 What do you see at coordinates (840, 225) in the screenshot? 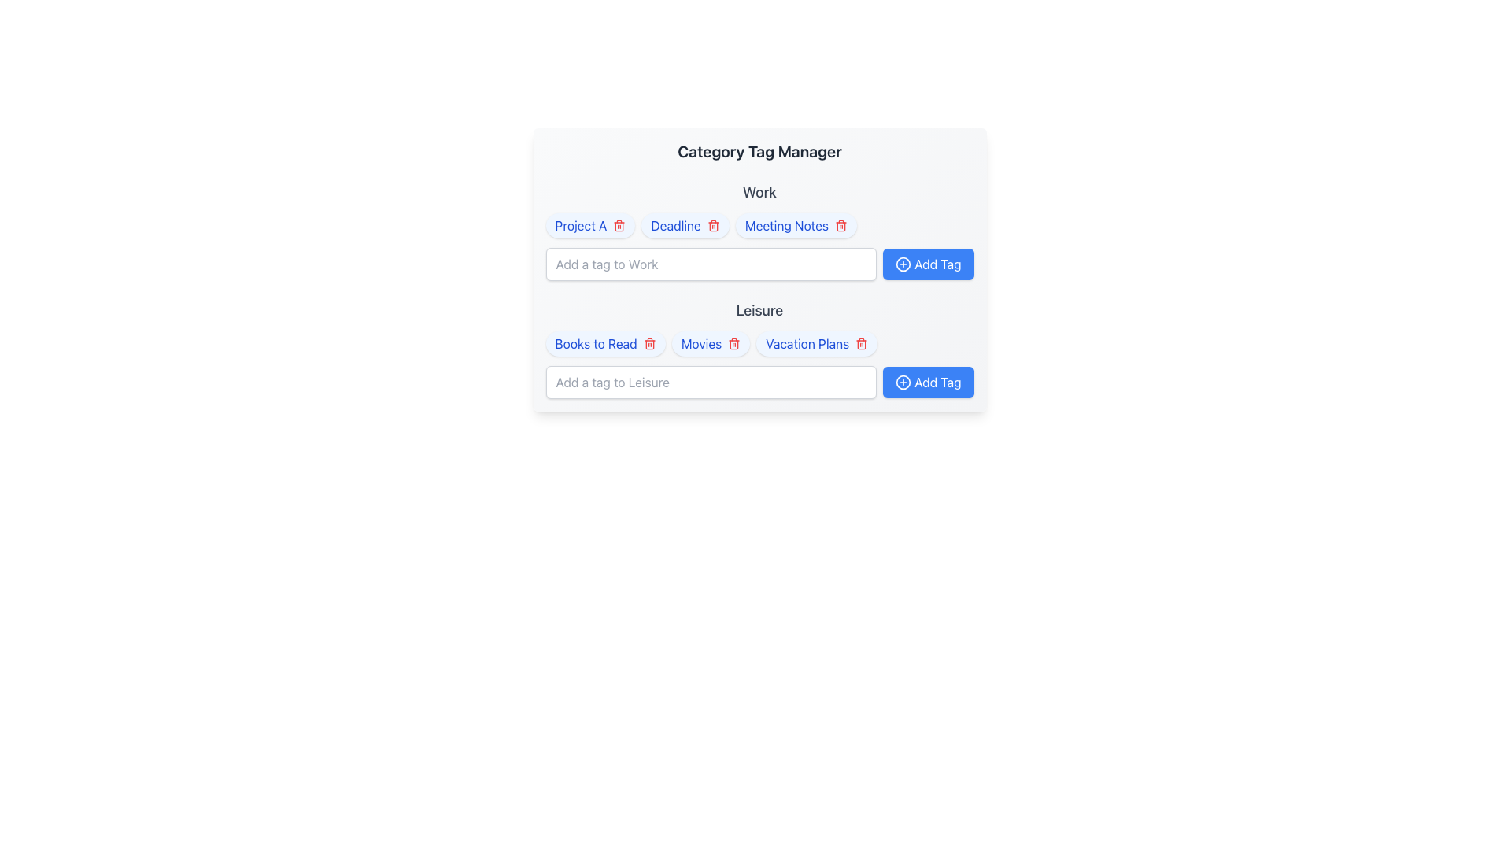
I see `the red trash bin icon button located next to the 'Meeting Notes' label in the 'Work' category section` at bounding box center [840, 225].